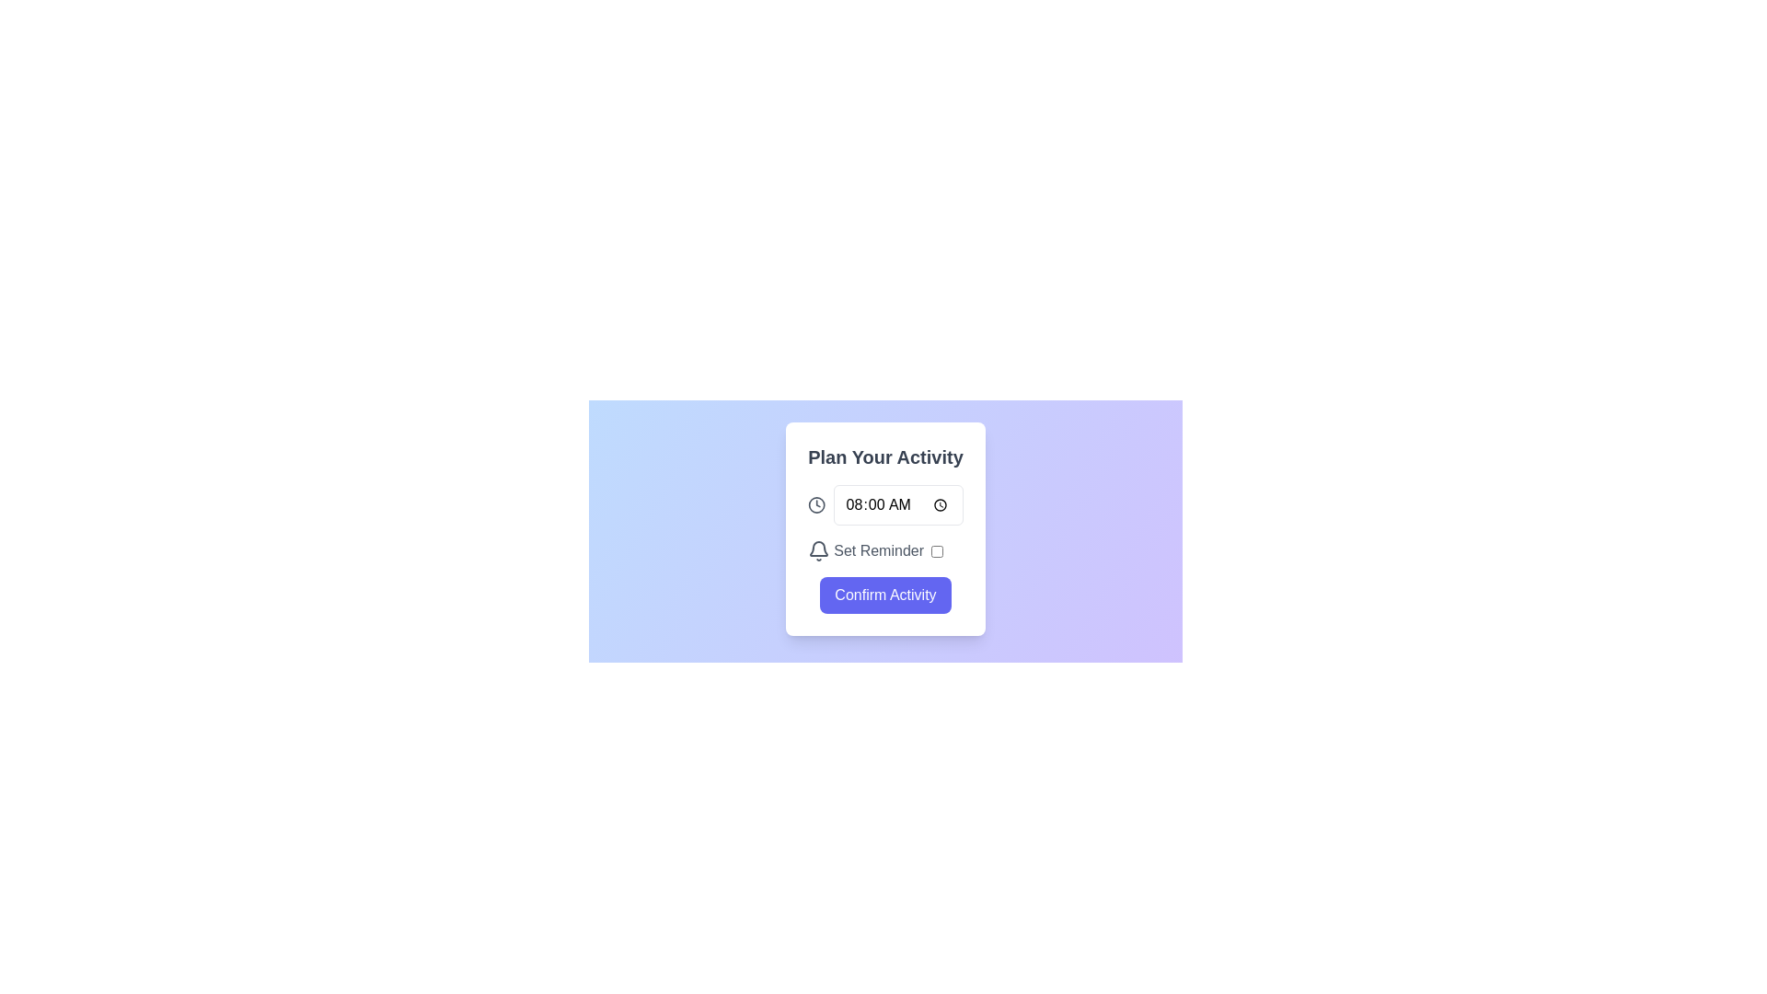 This screenshot has width=1767, height=994. Describe the element at coordinates (885, 504) in the screenshot. I see `the input field for selecting time in the composite component located beneath the title 'Plan Your Activity'` at that location.